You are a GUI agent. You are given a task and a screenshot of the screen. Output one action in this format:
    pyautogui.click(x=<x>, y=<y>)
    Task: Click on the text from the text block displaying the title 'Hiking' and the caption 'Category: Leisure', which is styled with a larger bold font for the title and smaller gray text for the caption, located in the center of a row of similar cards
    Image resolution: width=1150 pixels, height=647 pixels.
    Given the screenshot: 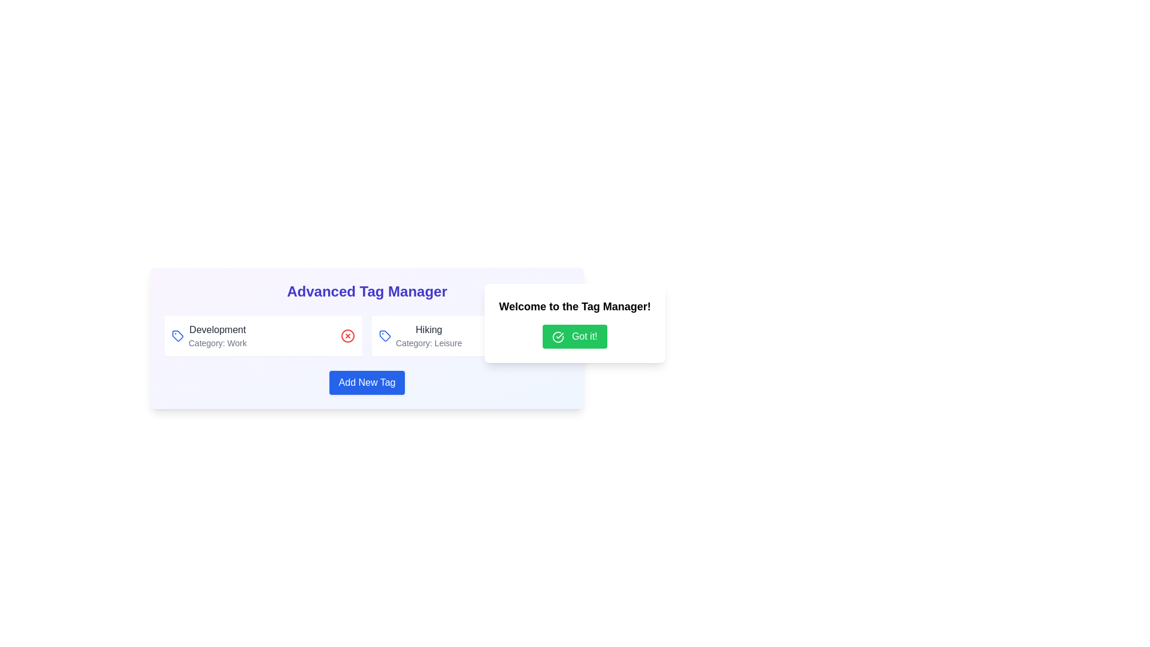 What is the action you would take?
    pyautogui.click(x=429, y=335)
    